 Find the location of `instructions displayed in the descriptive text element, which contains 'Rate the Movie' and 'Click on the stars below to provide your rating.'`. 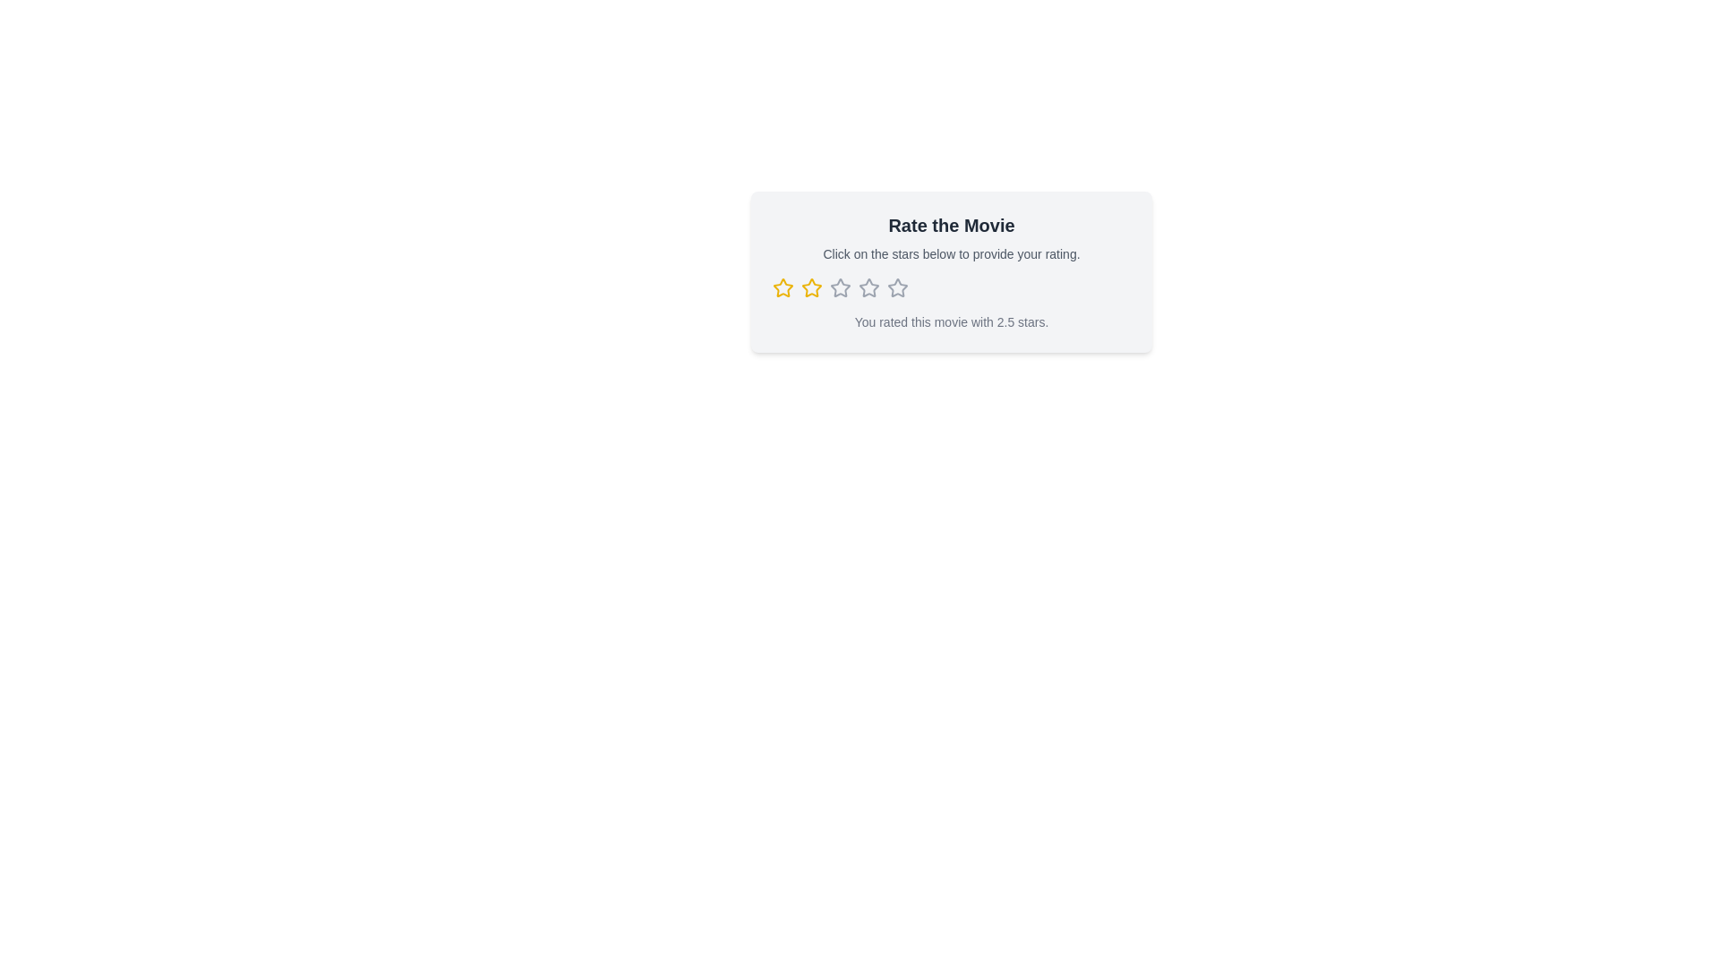

instructions displayed in the descriptive text element, which contains 'Rate the Movie' and 'Click on the stars below to provide your rating.' is located at coordinates (950, 237).